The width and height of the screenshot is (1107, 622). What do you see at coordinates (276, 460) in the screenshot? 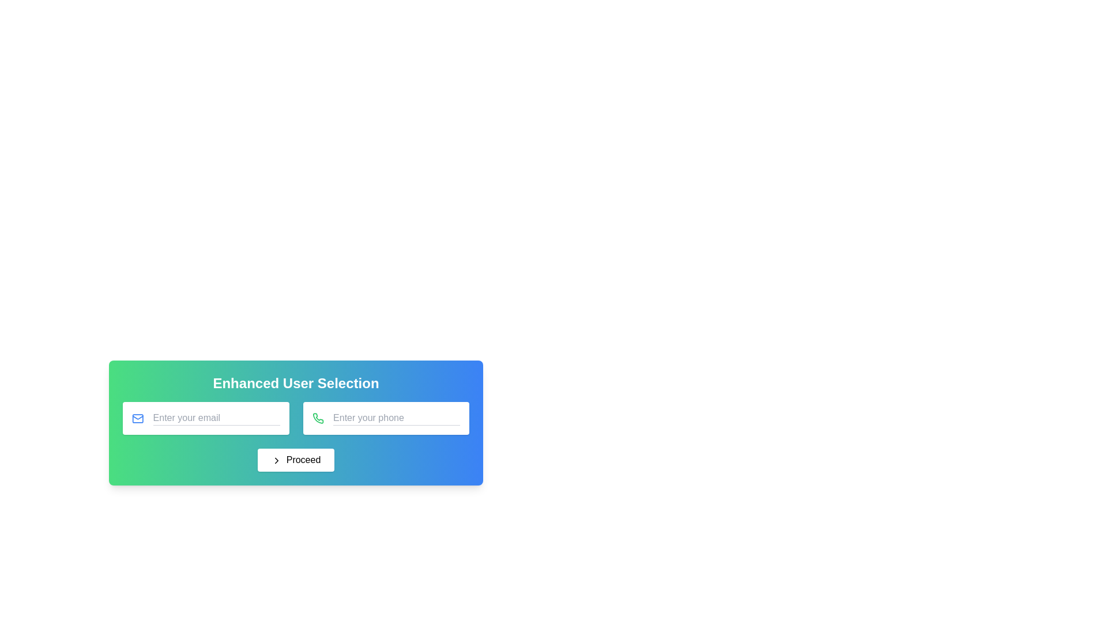
I see `the 'Proceed' button which contains a minimalist rightward arrow icon on its left side` at bounding box center [276, 460].